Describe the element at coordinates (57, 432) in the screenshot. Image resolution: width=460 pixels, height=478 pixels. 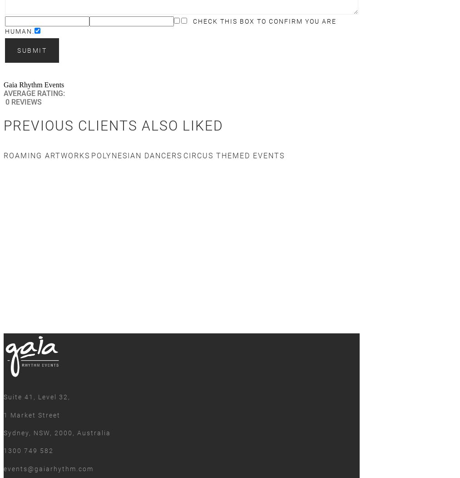
I see `'Sydney, NSW, 2000, Australia'` at that location.